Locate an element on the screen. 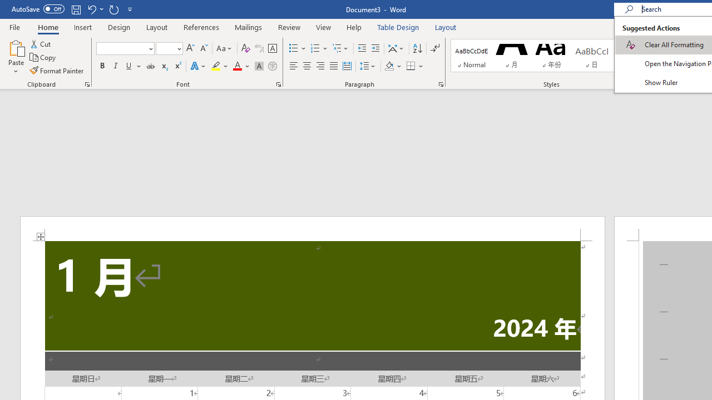 This screenshot has height=400, width=712. 'Font...' is located at coordinates (279, 83).